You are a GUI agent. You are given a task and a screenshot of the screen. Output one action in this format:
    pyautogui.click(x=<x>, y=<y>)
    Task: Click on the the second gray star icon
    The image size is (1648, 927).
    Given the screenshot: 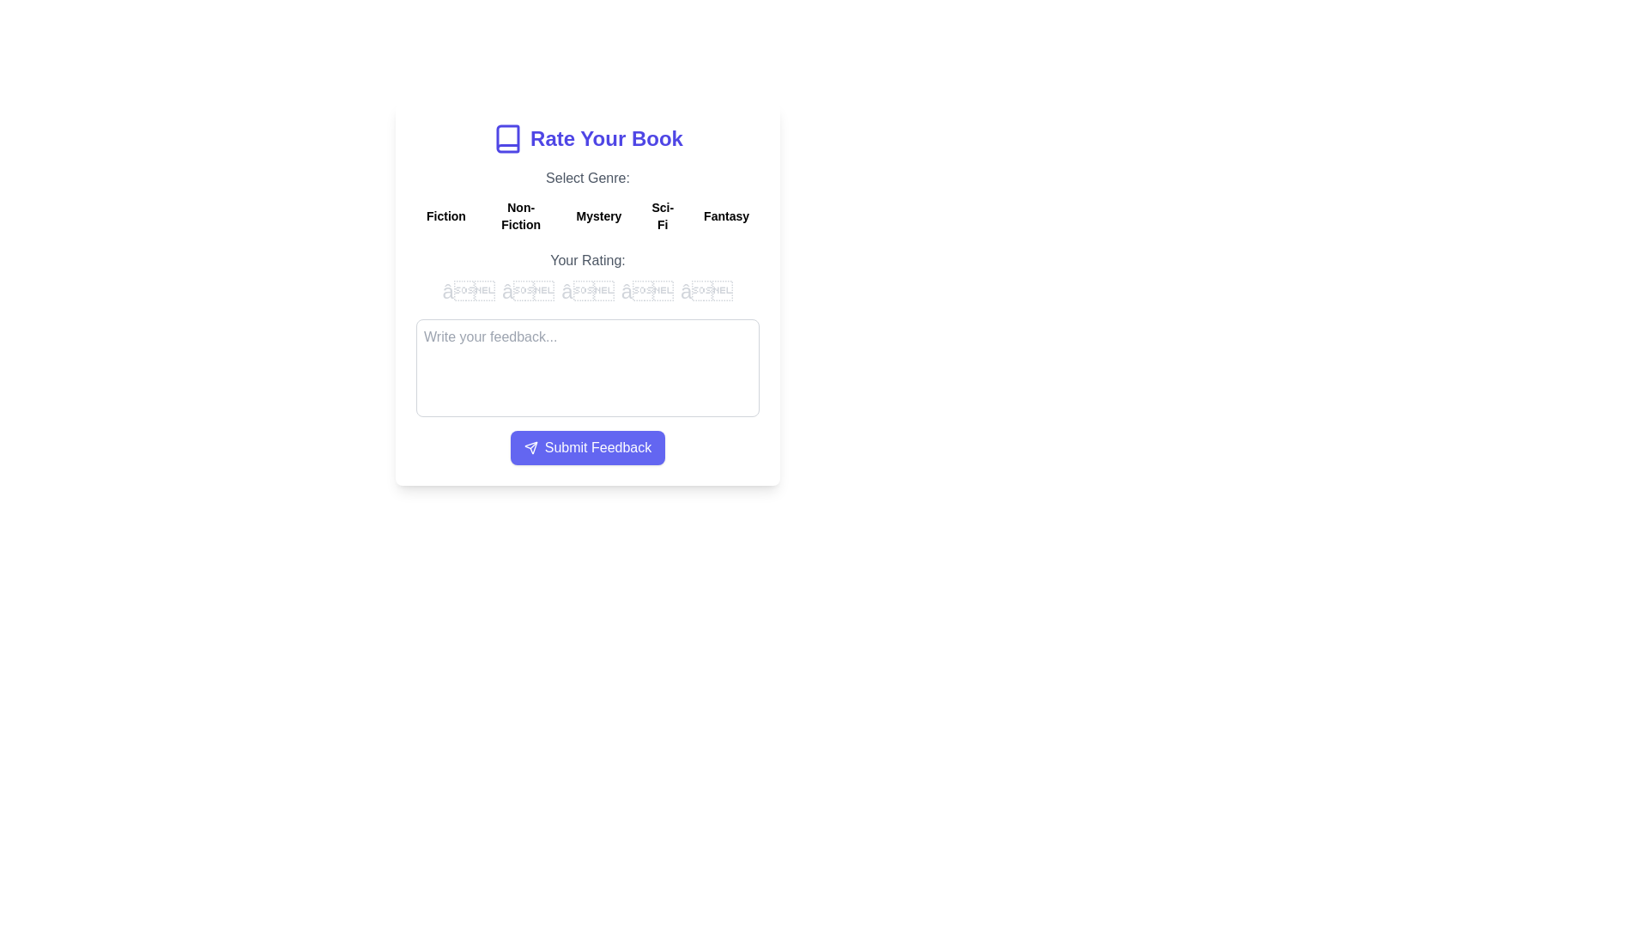 What is the action you would take?
    pyautogui.click(x=527, y=290)
    